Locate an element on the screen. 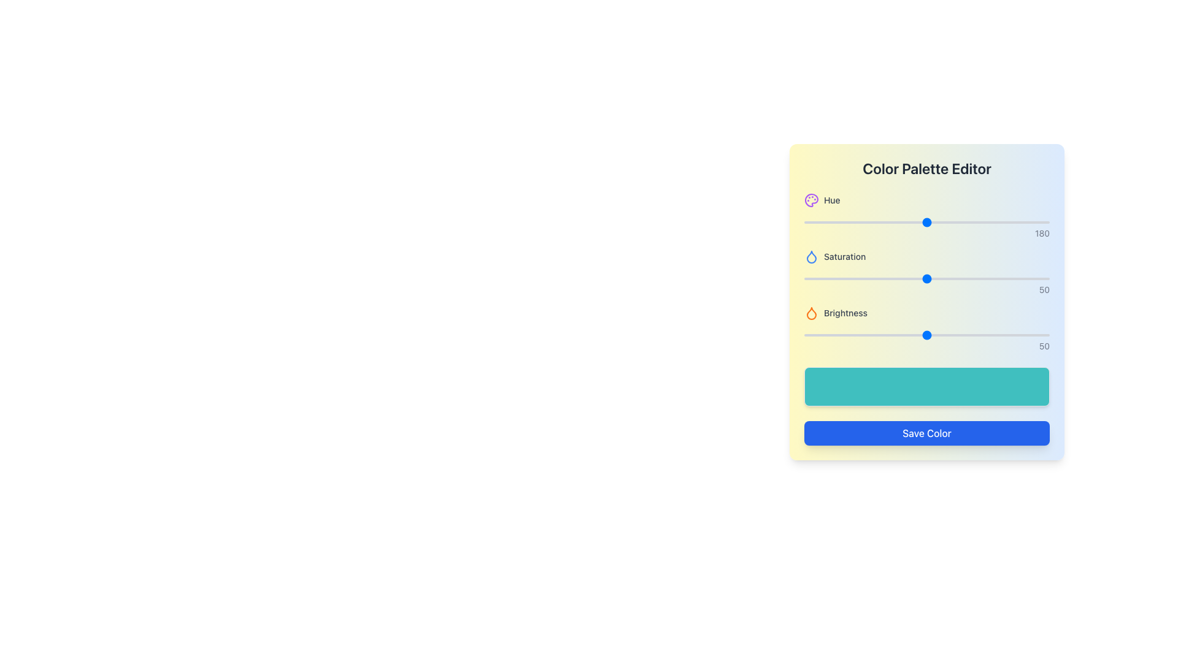 This screenshot has width=1178, height=662. the saturation level is located at coordinates (1044, 279).